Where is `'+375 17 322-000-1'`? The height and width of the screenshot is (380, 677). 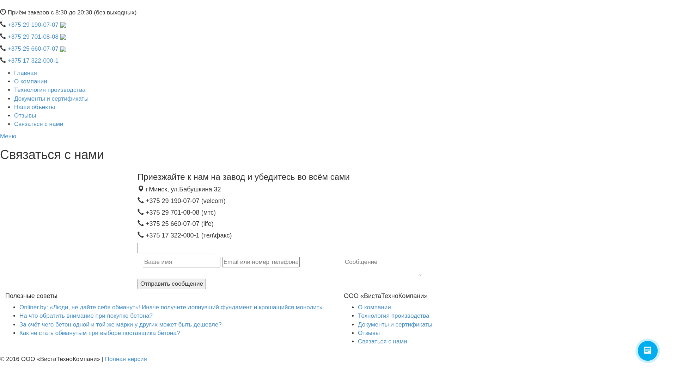 '+375 17 322-000-1' is located at coordinates (33, 60).